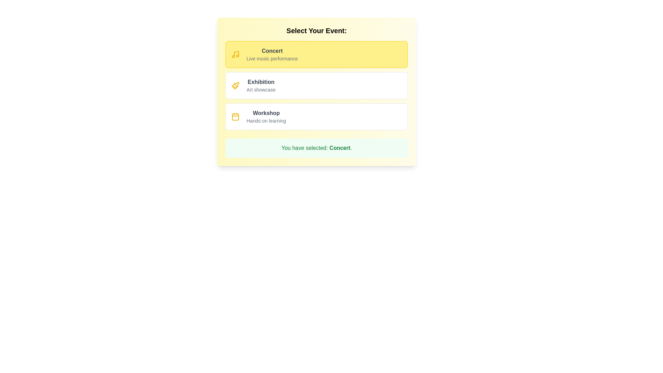  Describe the element at coordinates (266, 116) in the screenshot. I see `the text display element titled 'Workshop' which features a bold dark gray title and a lighter gray subtitle 'Hands-on learning'. This element is located in the third option of a vertical list of event options` at that location.